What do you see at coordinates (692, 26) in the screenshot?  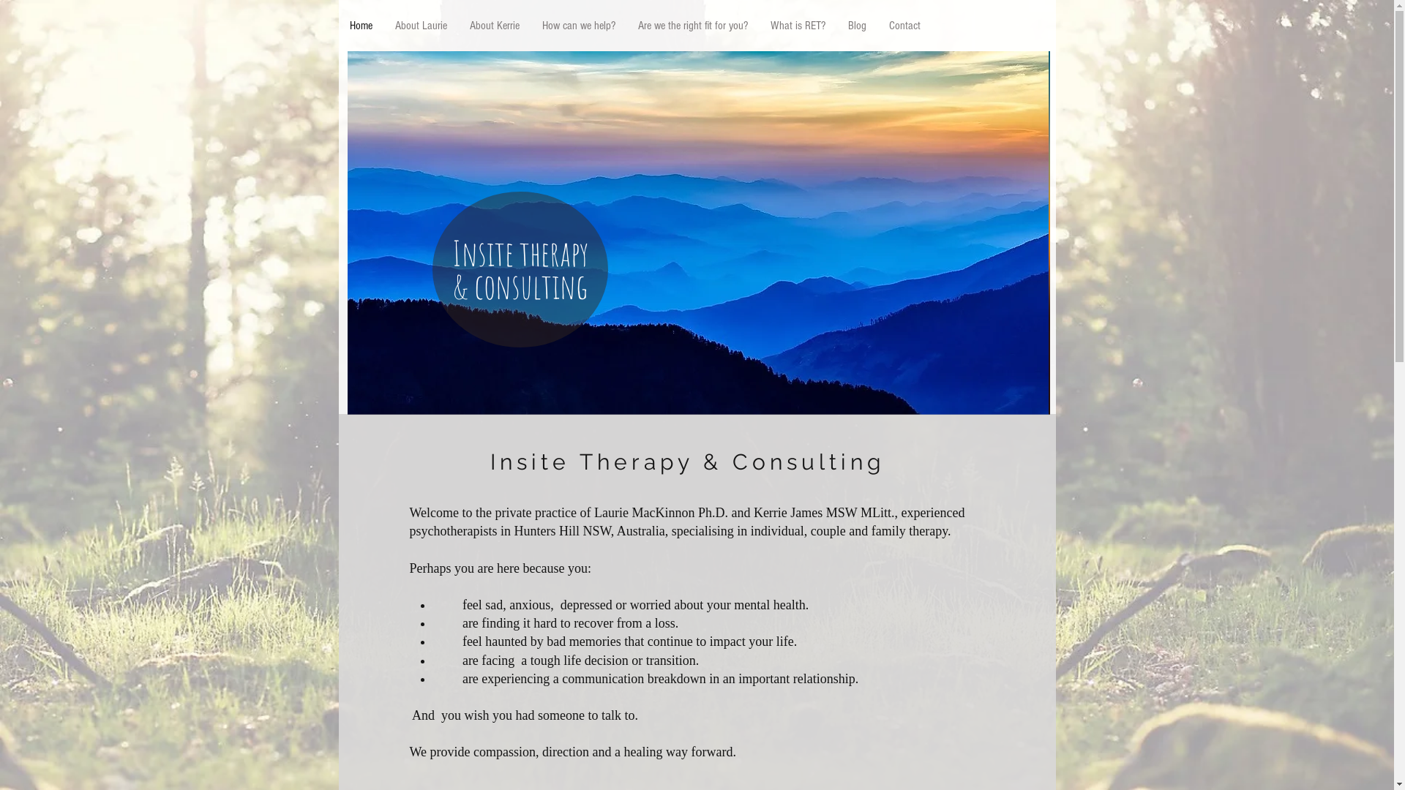 I see `'Are we the right fit for you?'` at bounding box center [692, 26].